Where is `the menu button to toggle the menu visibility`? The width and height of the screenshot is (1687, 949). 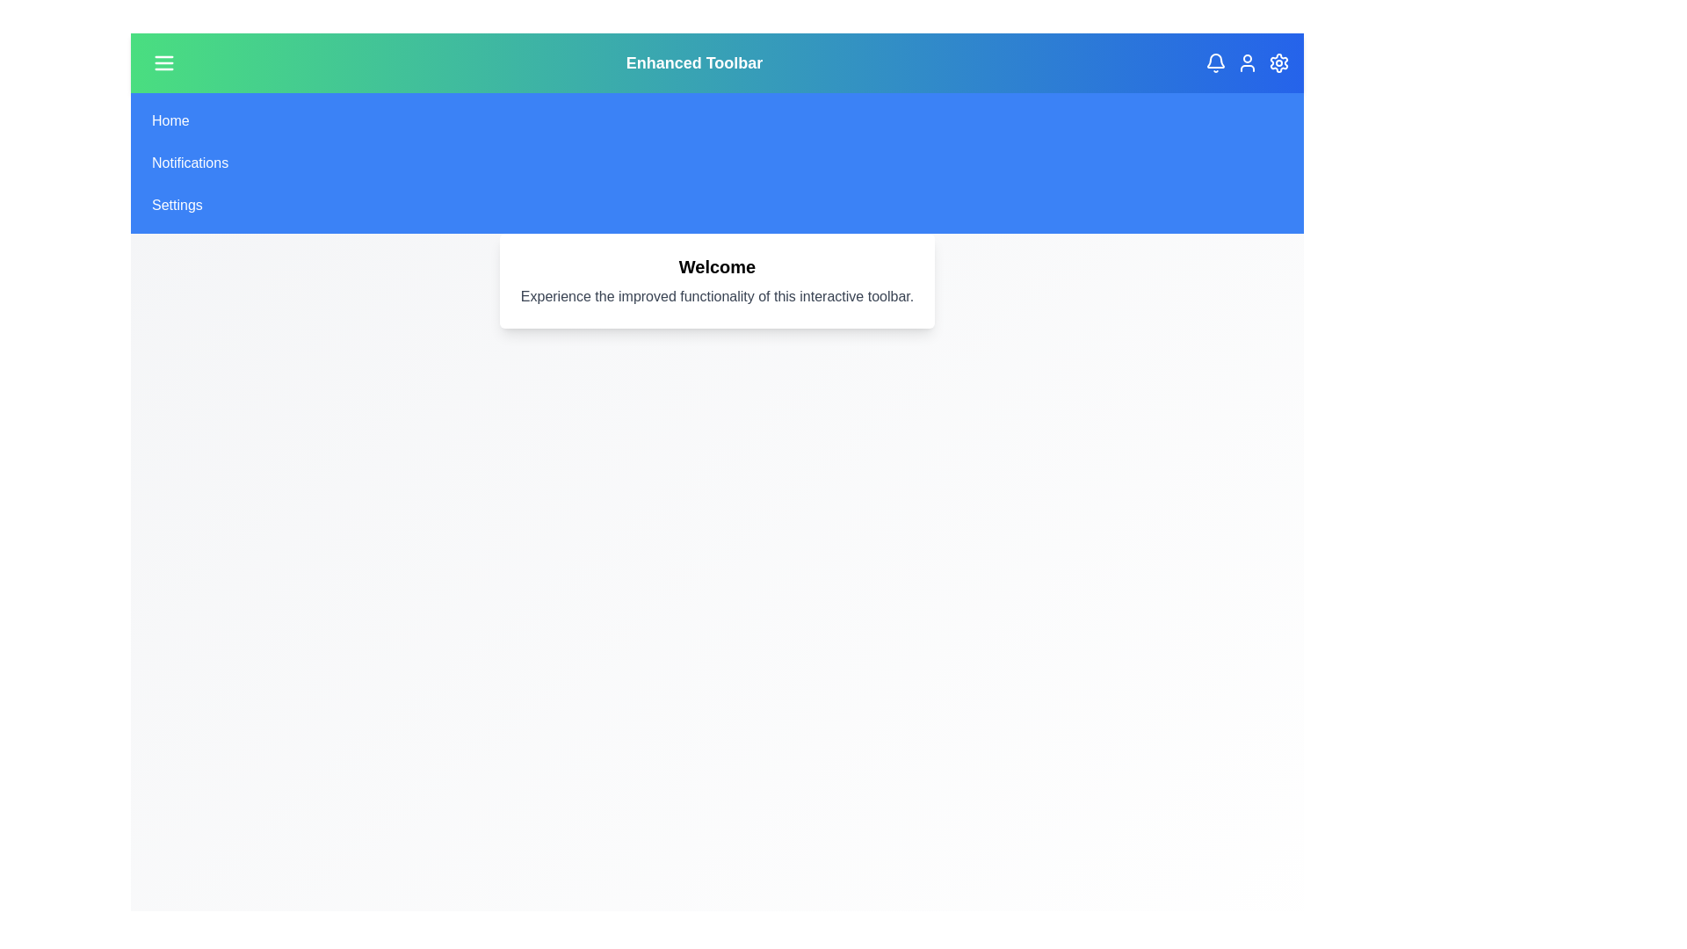
the menu button to toggle the menu visibility is located at coordinates (164, 62).